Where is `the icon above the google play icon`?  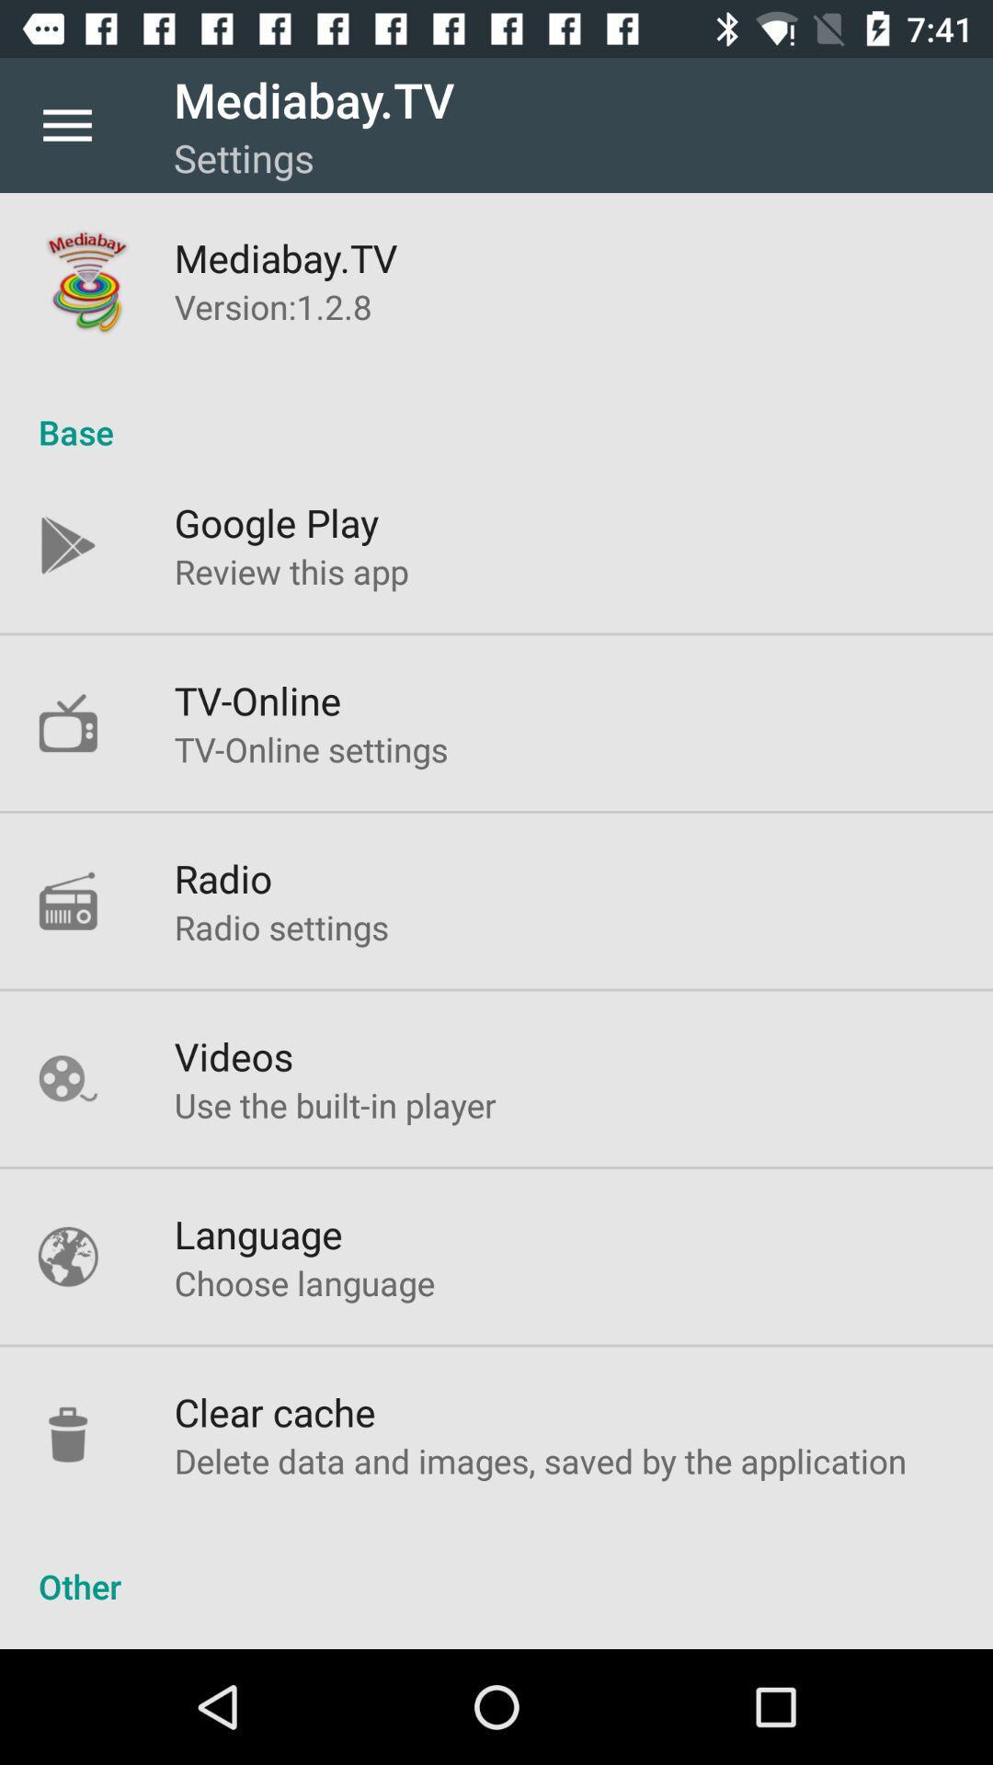 the icon above the google play icon is located at coordinates (496, 412).